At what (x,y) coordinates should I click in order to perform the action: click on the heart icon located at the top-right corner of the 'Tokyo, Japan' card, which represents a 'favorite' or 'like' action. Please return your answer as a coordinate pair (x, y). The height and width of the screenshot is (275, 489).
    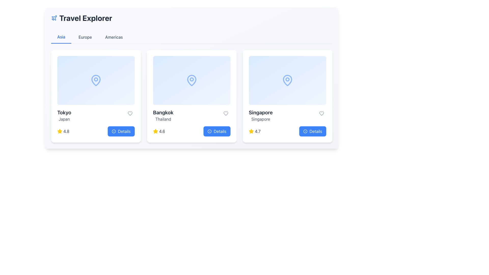
    Looking at the image, I should click on (130, 113).